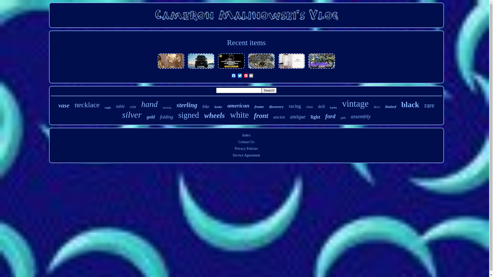  I want to click on 'Index', so click(246, 135).